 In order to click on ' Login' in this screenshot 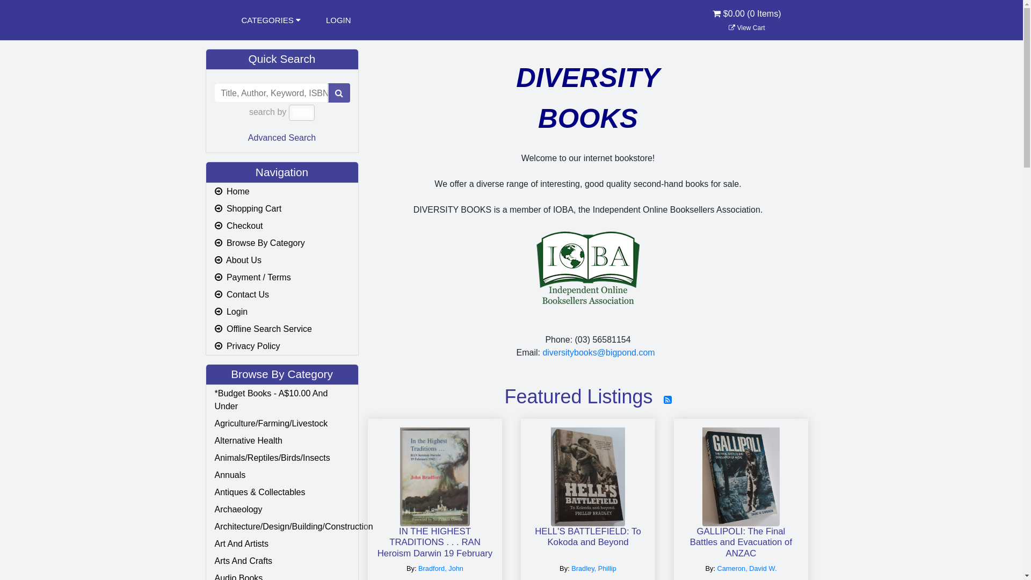, I will do `click(282, 312)`.